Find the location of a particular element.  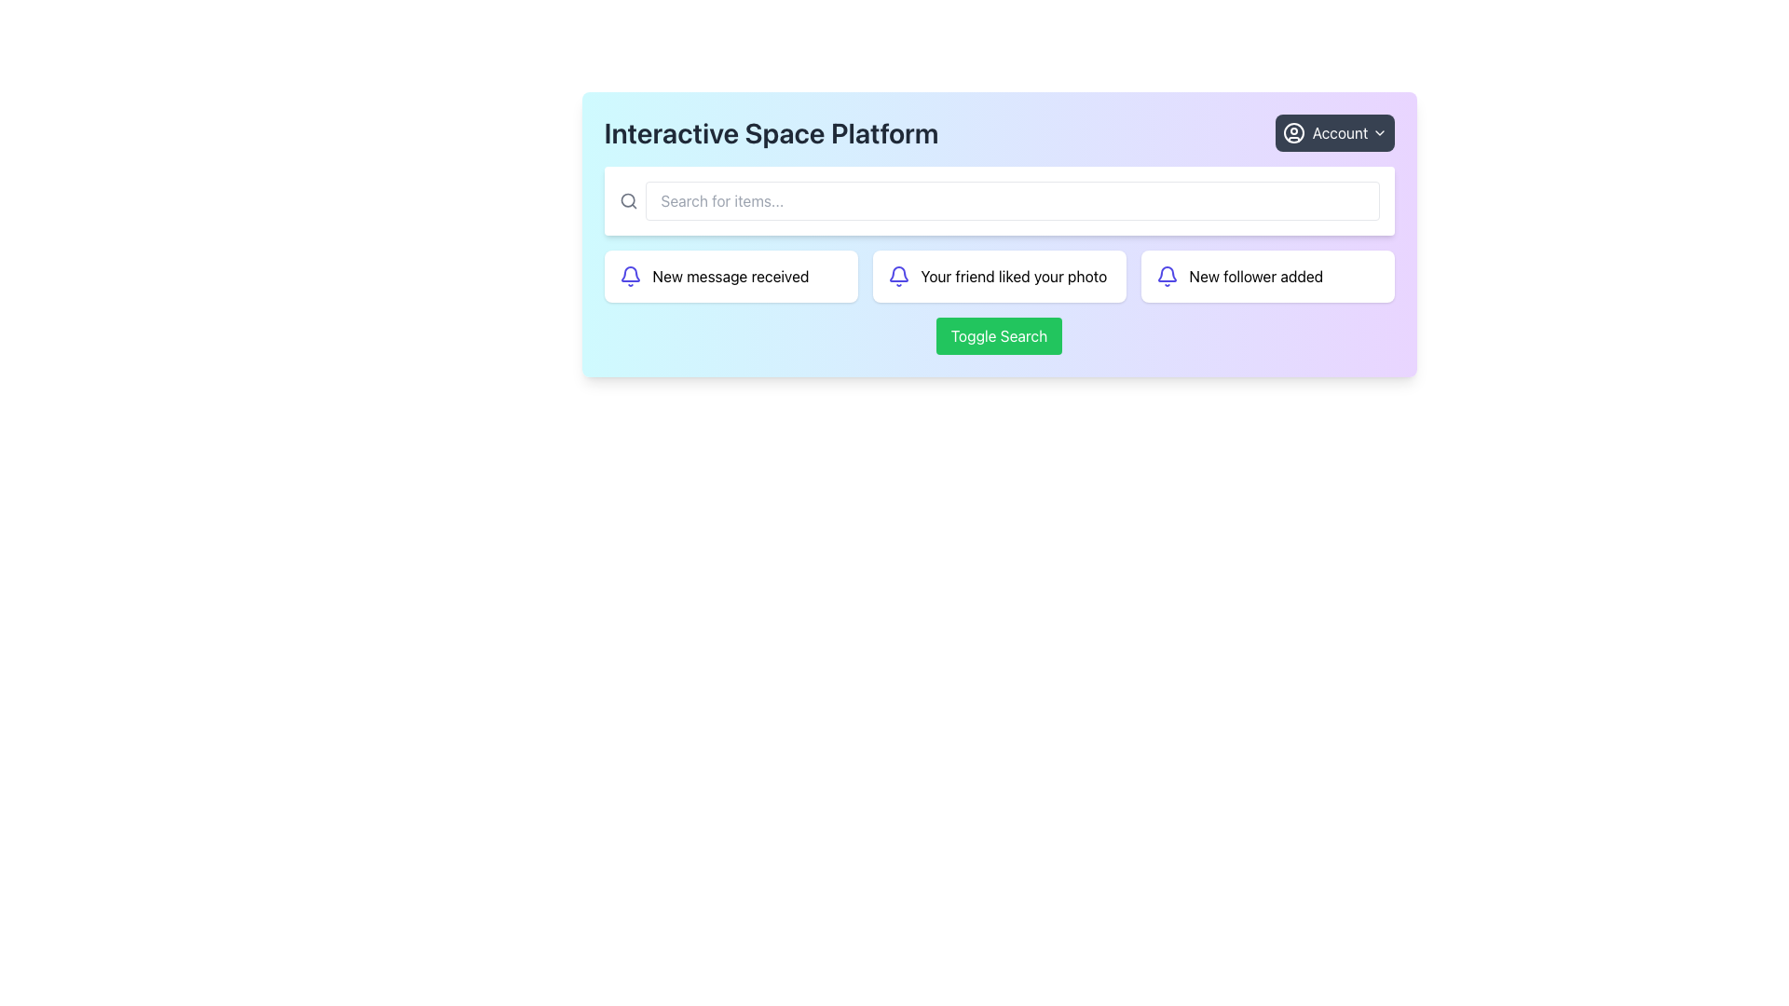

the account options button located at the top-right corner of the interface next to the title 'Interactive Space Platform' is located at coordinates (1333, 131).